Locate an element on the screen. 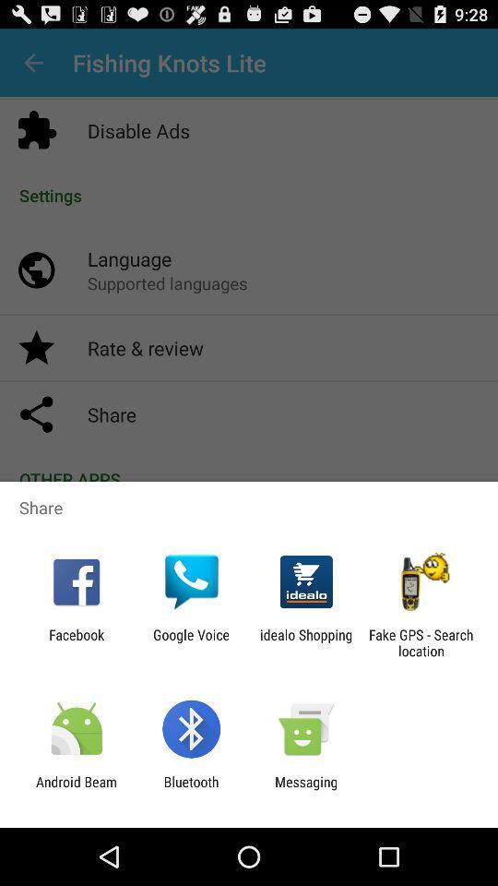  item to the right of the android beam app is located at coordinates (190, 789).